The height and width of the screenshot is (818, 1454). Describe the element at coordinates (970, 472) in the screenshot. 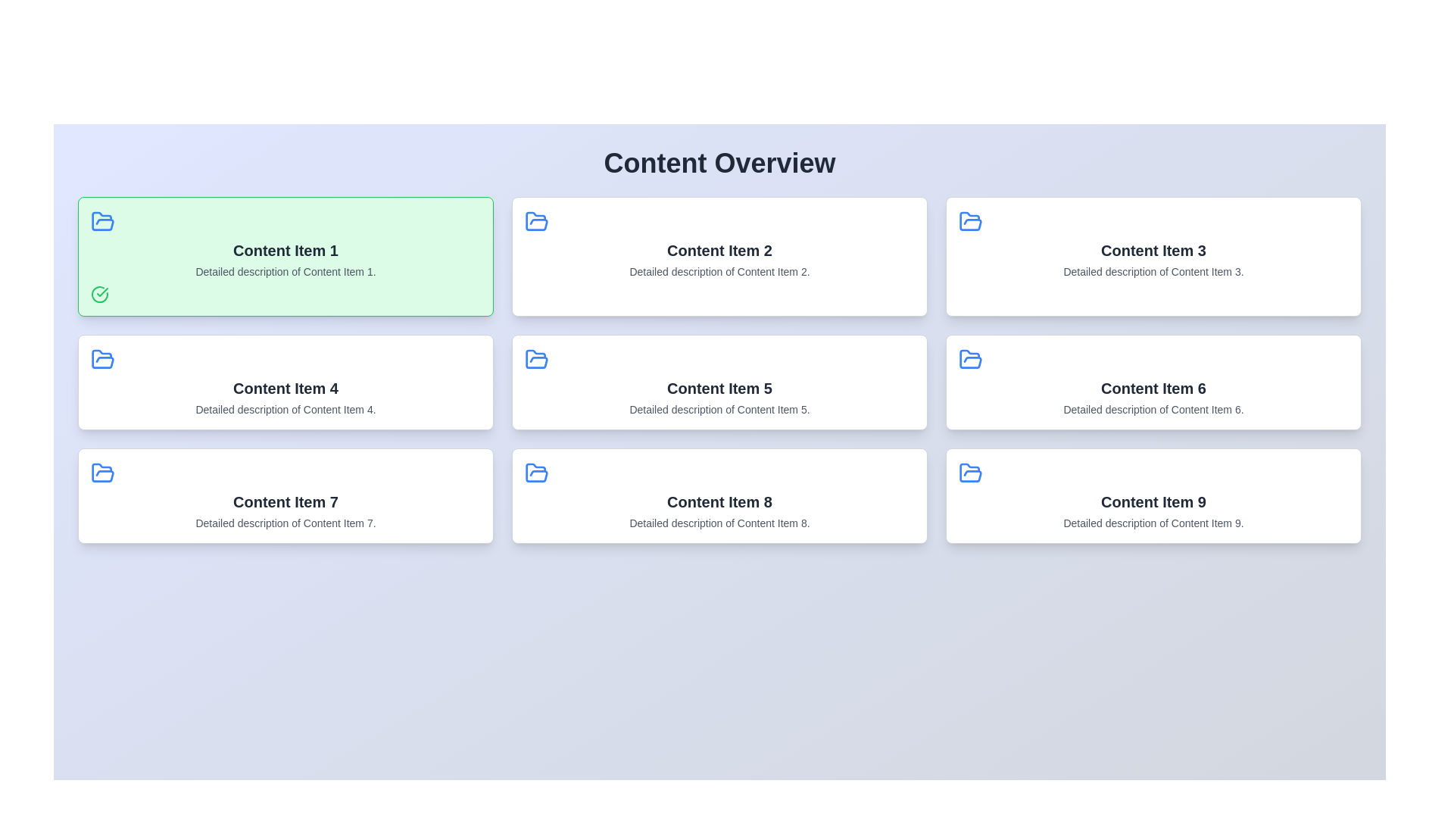

I see `the vibrant blue folder icon located in the bottom-right section of the 'Content Item 9' grid layout` at that location.